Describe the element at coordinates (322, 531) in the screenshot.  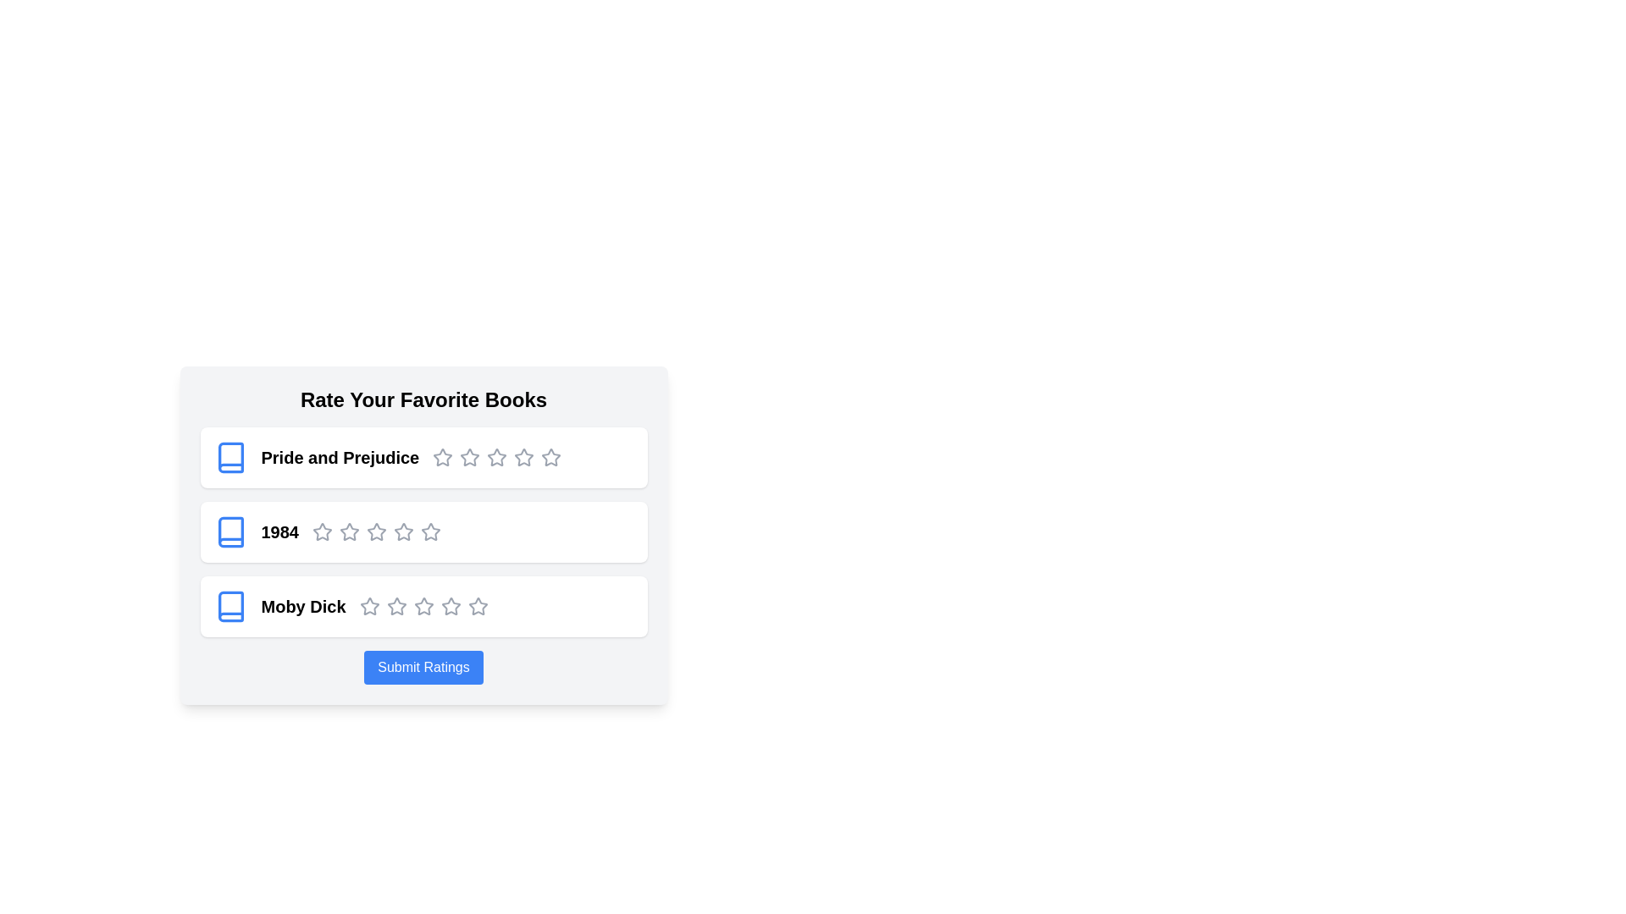
I see `the star icons for the book '1984' to indicate their interactivity` at that location.